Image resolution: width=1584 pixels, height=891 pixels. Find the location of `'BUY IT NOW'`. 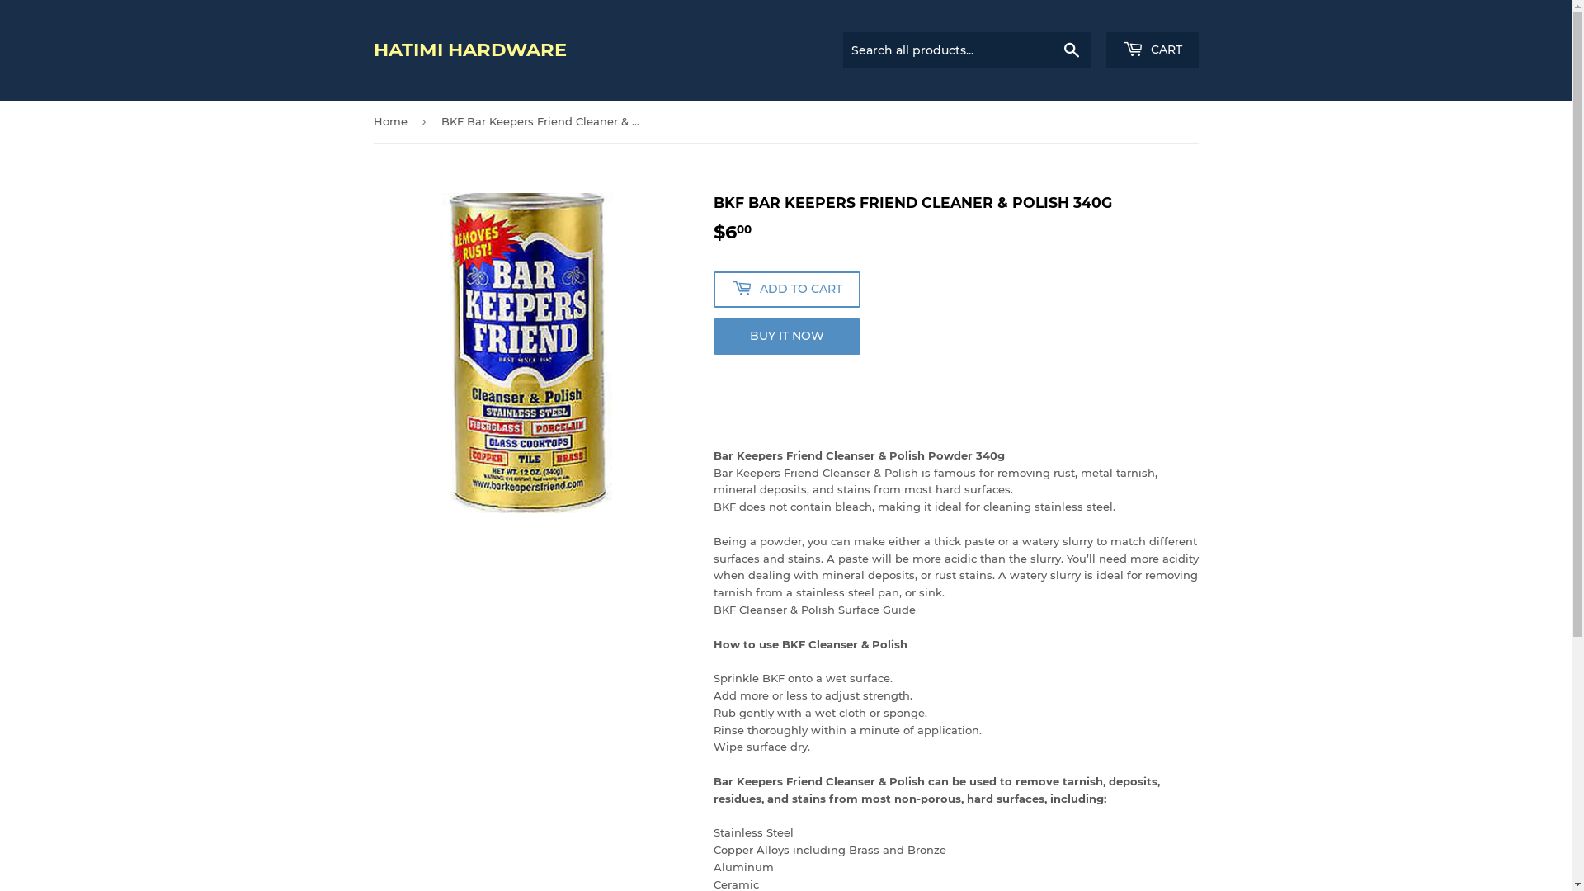

'BUY IT NOW' is located at coordinates (785, 336).